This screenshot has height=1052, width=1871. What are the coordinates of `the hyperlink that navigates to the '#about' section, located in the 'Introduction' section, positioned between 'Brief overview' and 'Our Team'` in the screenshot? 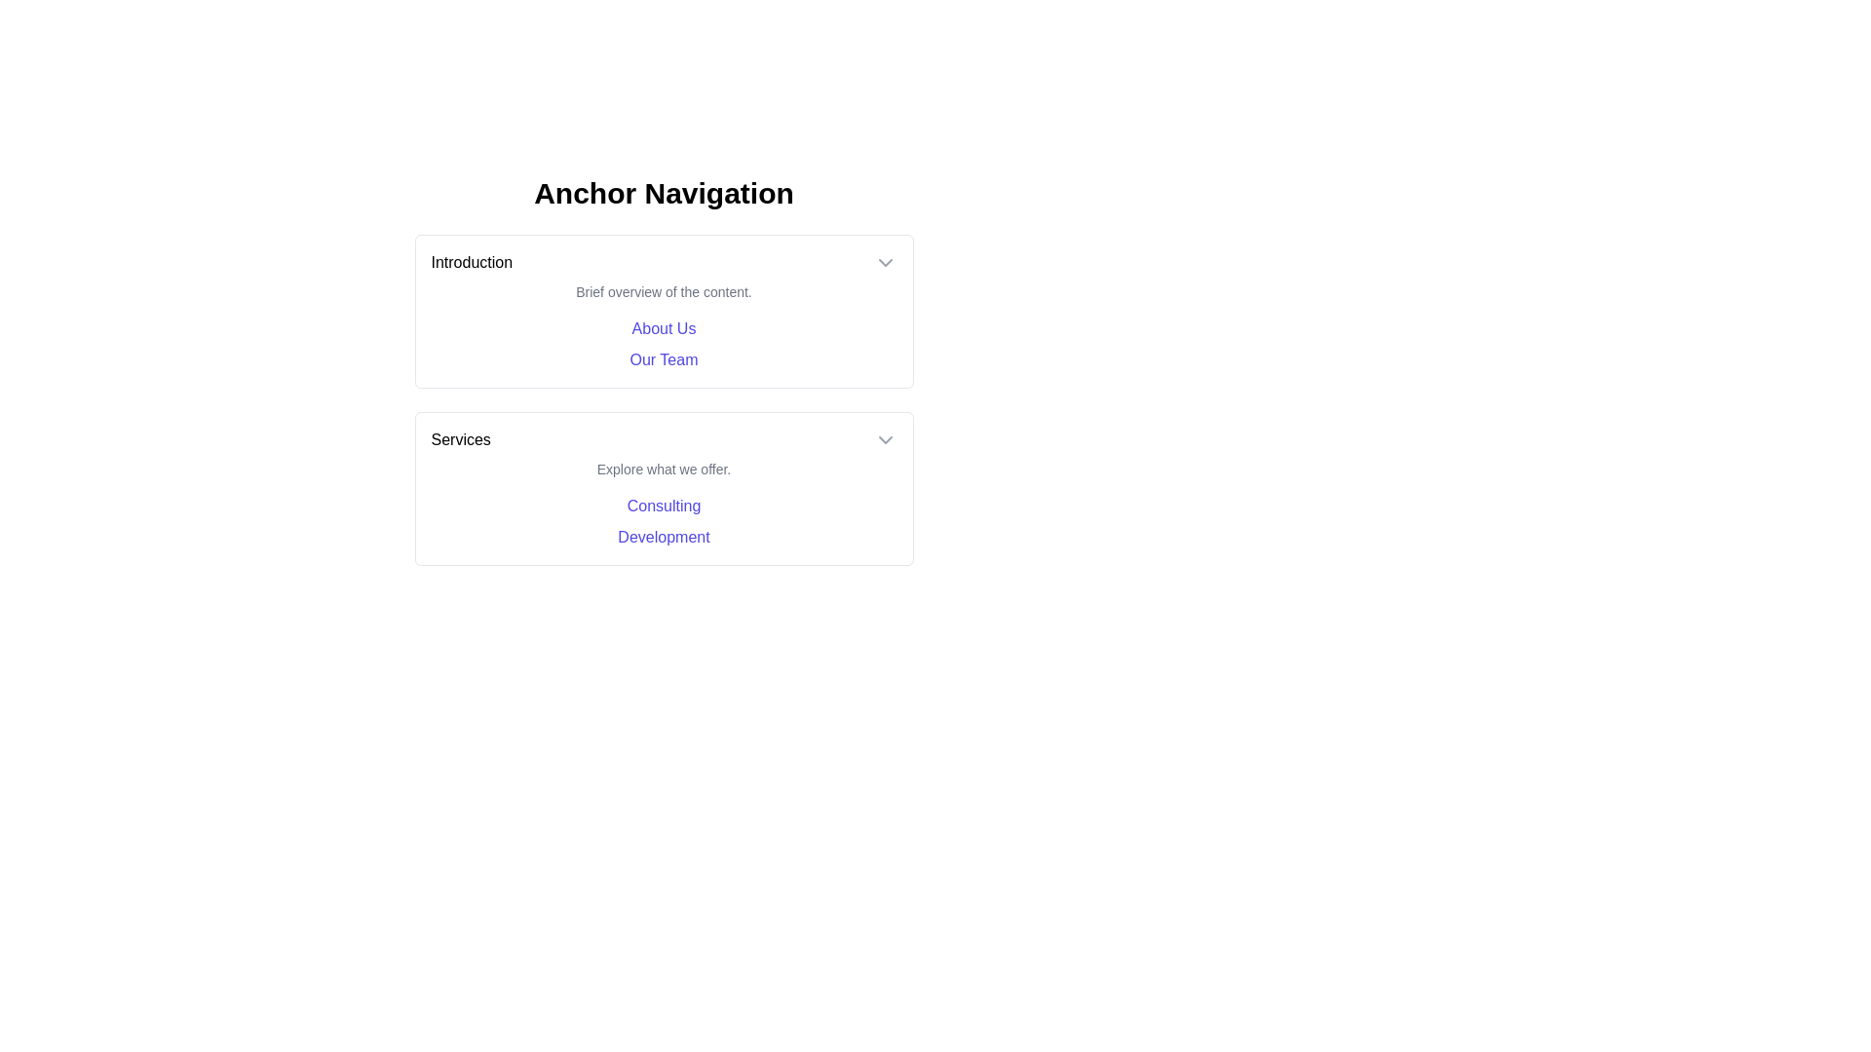 It's located at (664, 327).